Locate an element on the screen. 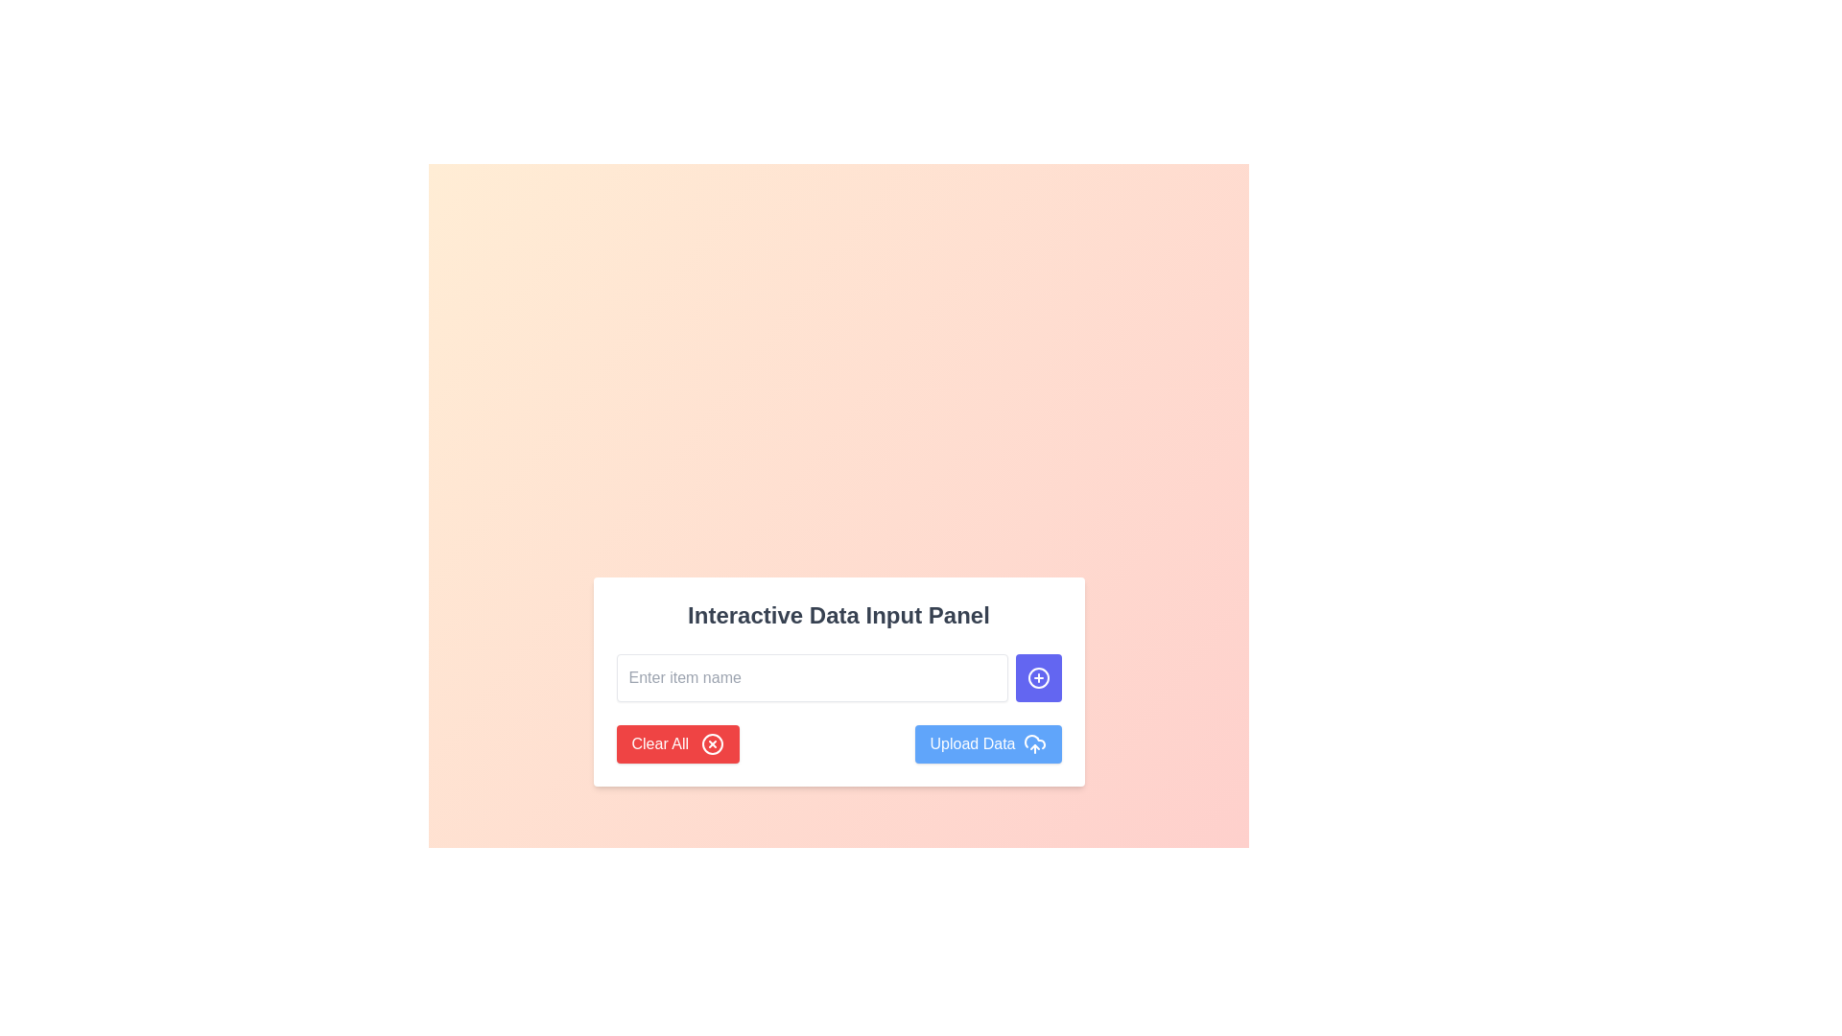 The image size is (1842, 1036). the vibrant blue circular graphic with a 2px-width stroke, part of the 'circle-plus' icon located to the right of a text input field in the data input panel is located at coordinates (1037, 676).